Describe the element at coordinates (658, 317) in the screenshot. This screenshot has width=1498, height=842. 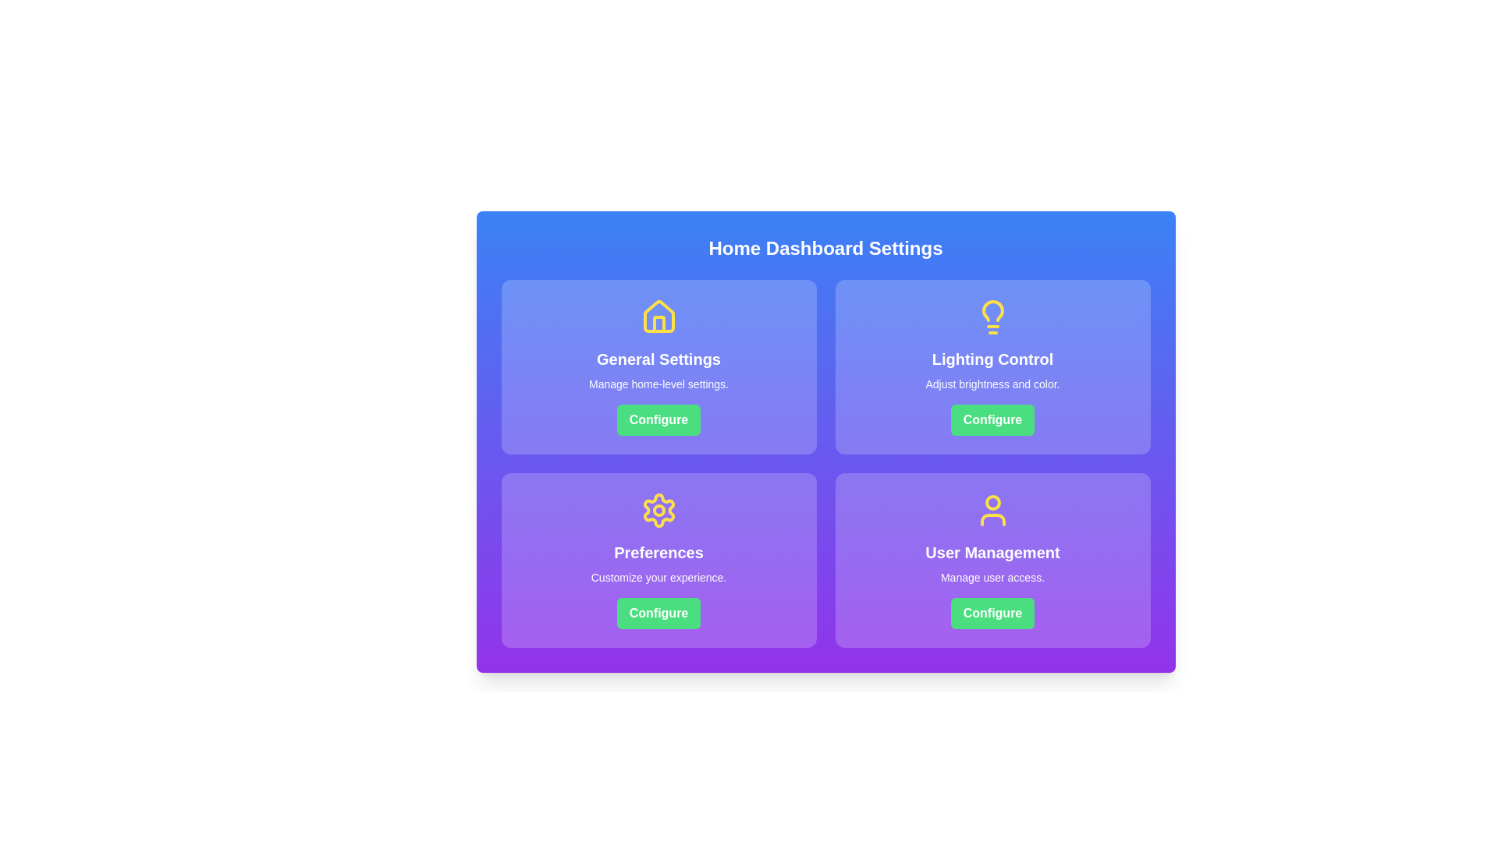
I see `the icon corresponding to General Settings` at that location.